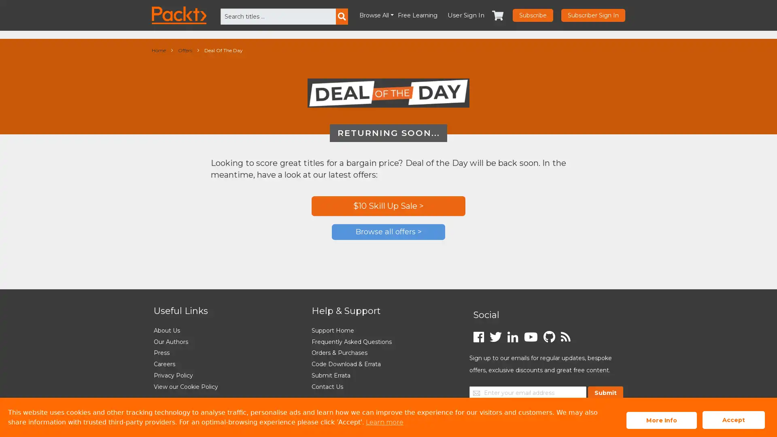 This screenshot has width=777, height=437. What do you see at coordinates (593, 15) in the screenshot?
I see `Subscriber Sign In` at bounding box center [593, 15].